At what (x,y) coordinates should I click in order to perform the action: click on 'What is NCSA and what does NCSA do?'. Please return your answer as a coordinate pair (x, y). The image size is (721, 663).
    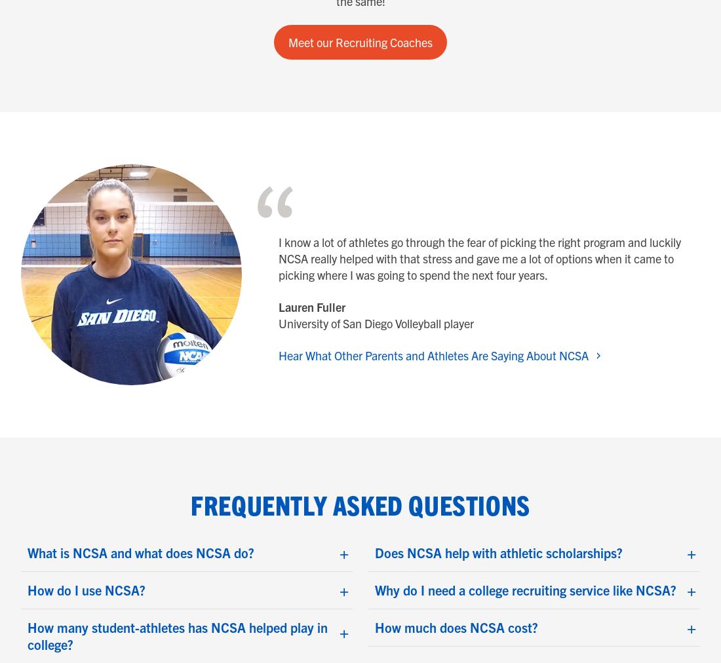
    Looking at the image, I should click on (141, 552).